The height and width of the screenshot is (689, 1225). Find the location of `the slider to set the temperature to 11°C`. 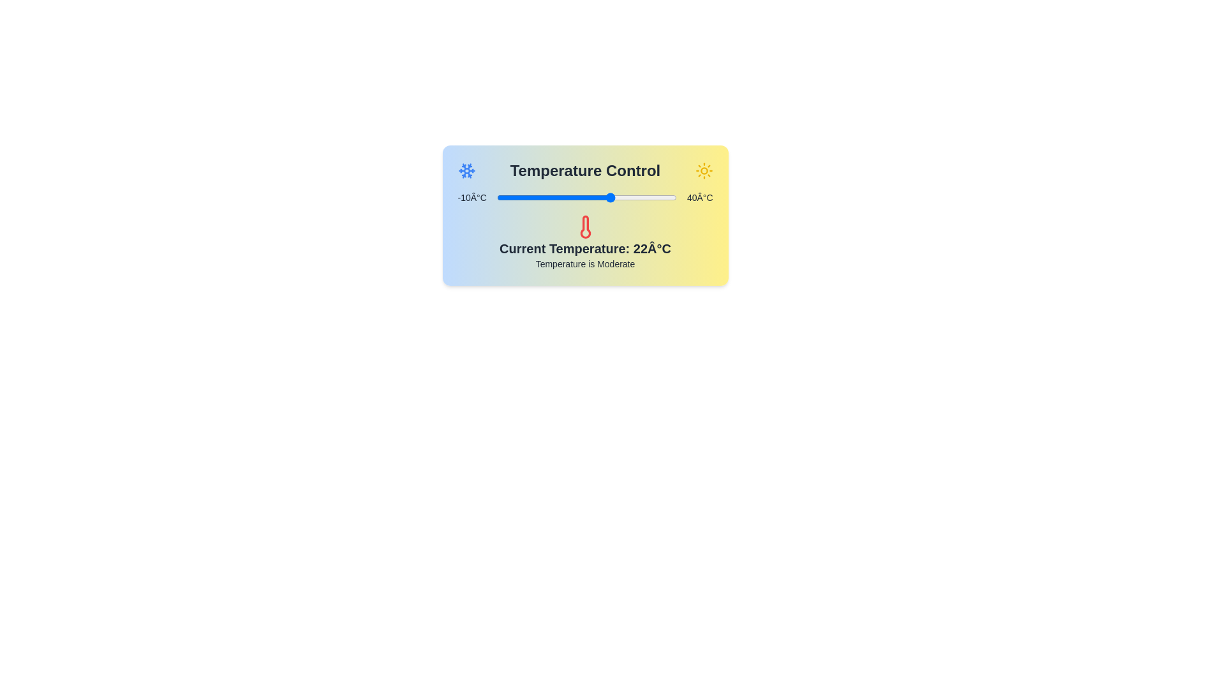

the slider to set the temperature to 11°C is located at coordinates (572, 197).